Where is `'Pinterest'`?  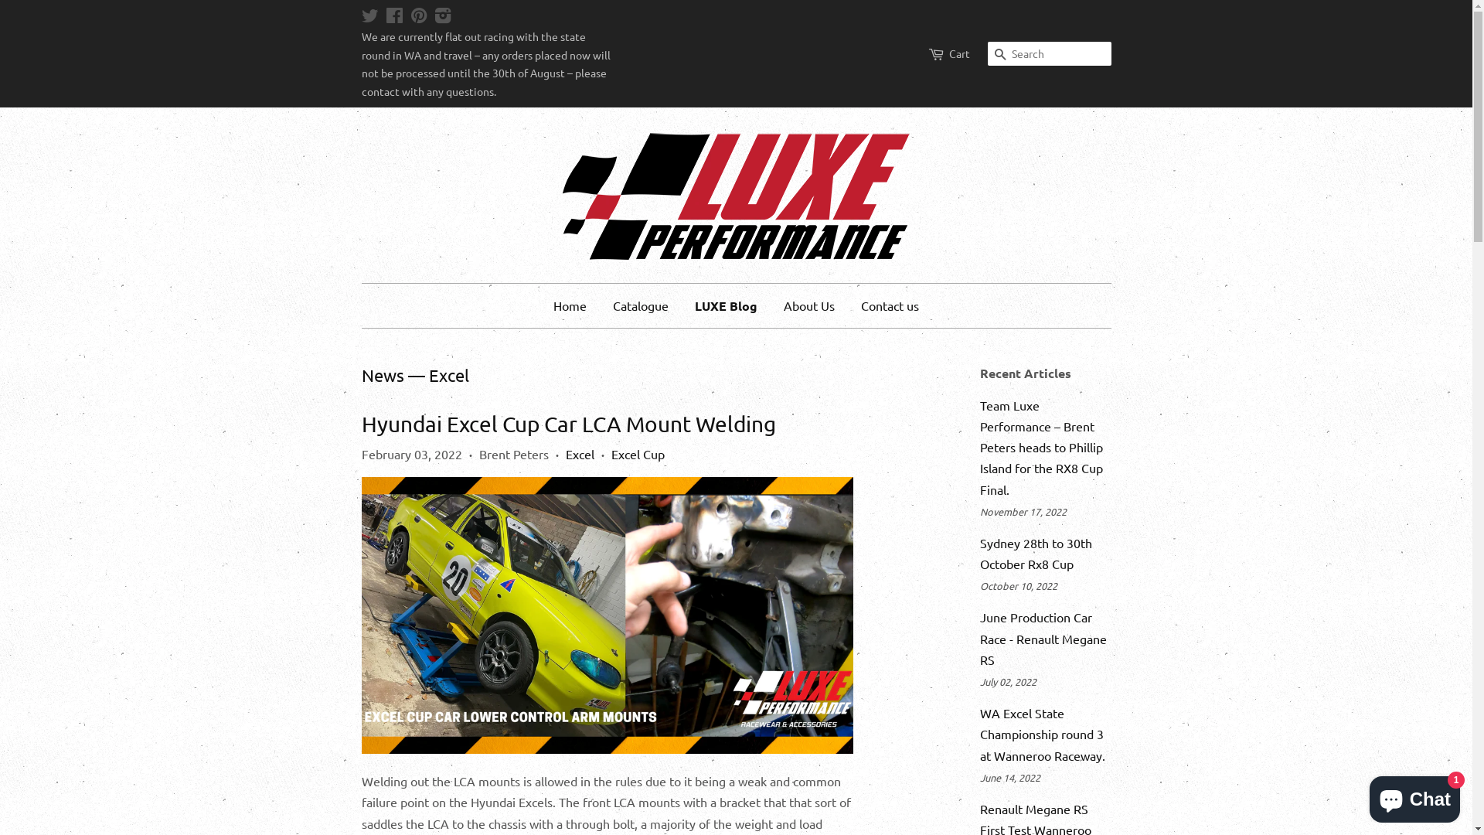
'Pinterest' is located at coordinates (418, 18).